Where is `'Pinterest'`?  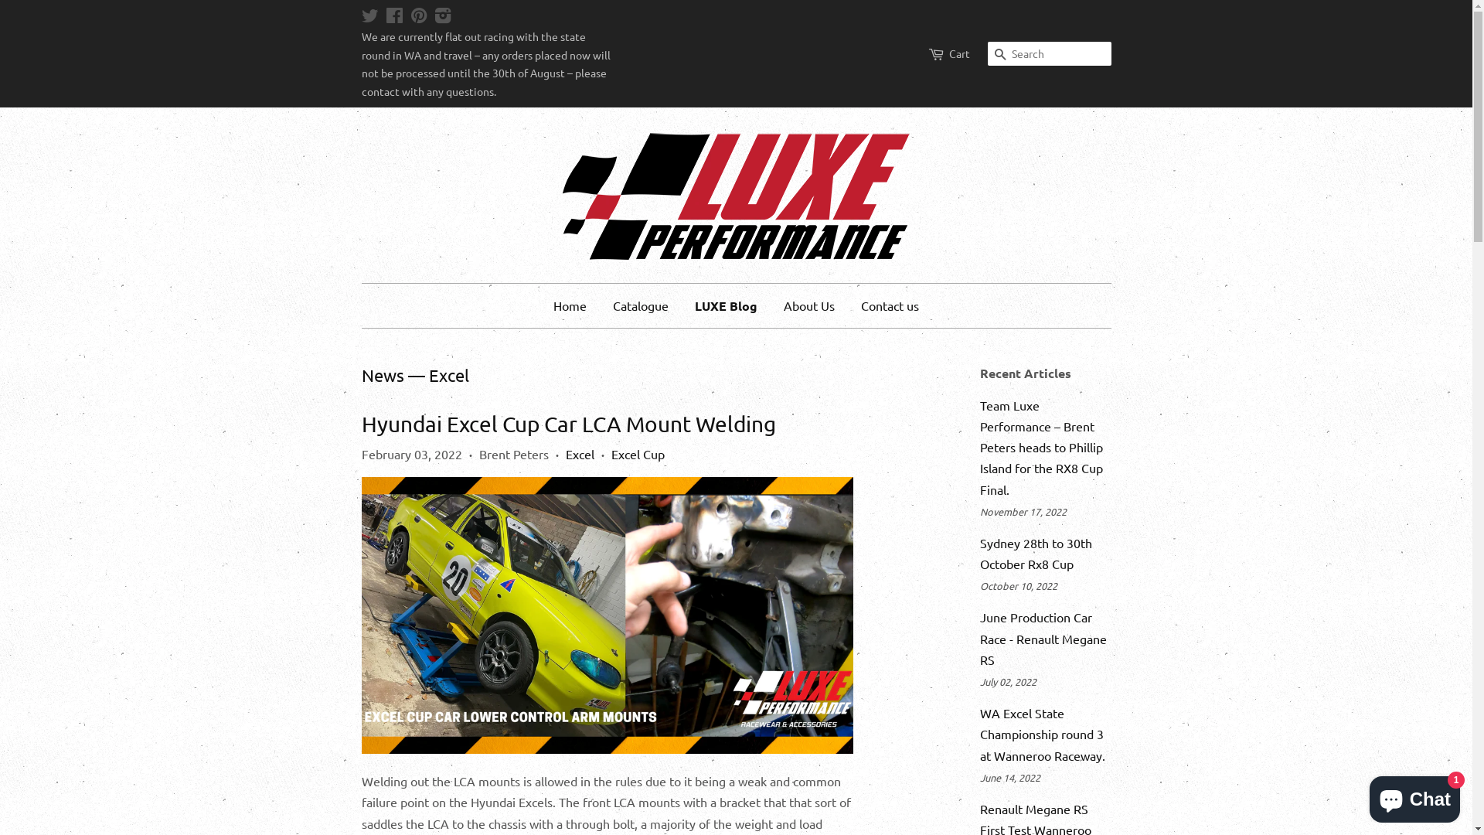
'Pinterest' is located at coordinates (418, 18).